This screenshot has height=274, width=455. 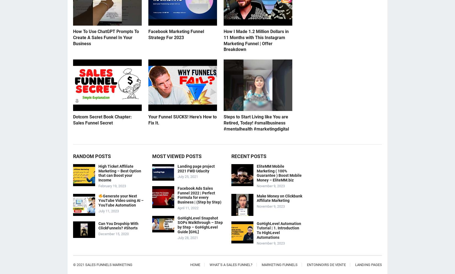 What do you see at coordinates (176, 156) in the screenshot?
I see `'Most Viewed Posts'` at bounding box center [176, 156].